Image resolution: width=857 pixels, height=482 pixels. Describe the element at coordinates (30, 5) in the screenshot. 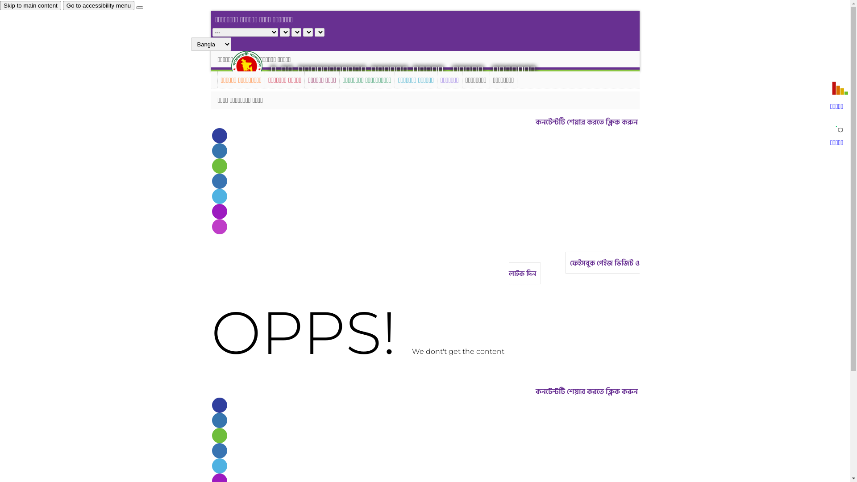

I see `'Skip to main content'` at that location.